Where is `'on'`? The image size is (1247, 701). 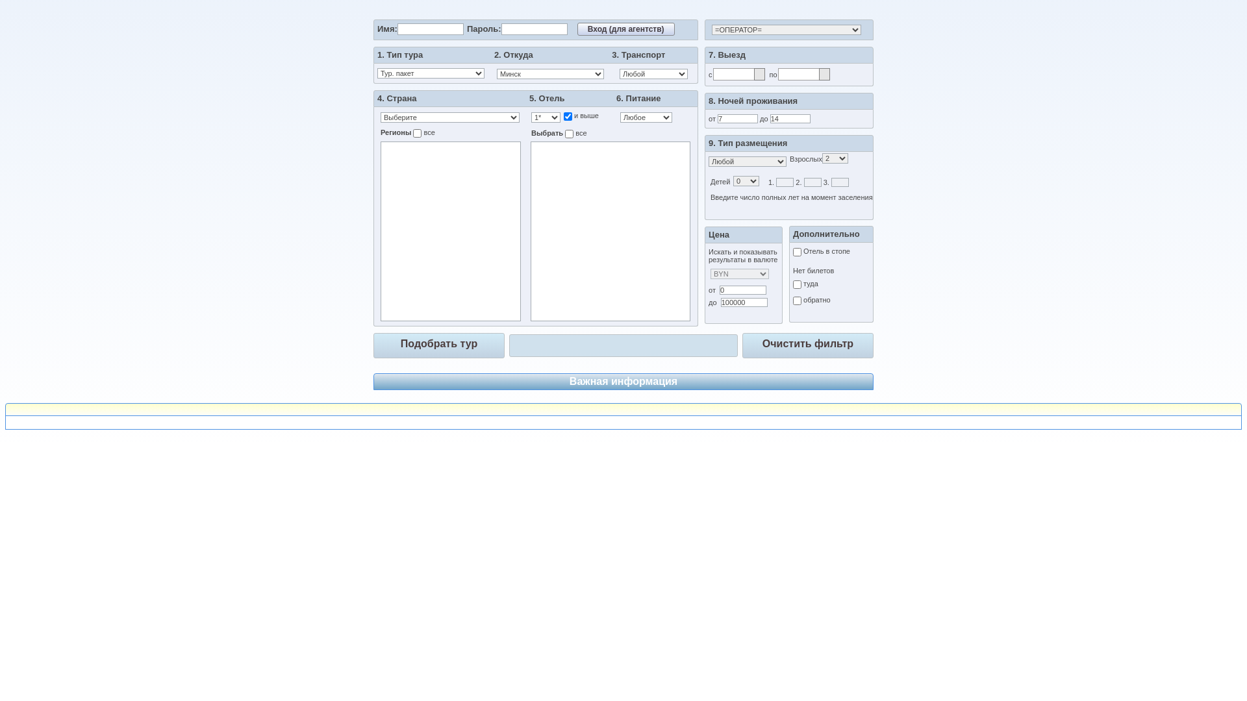 'on' is located at coordinates (412, 133).